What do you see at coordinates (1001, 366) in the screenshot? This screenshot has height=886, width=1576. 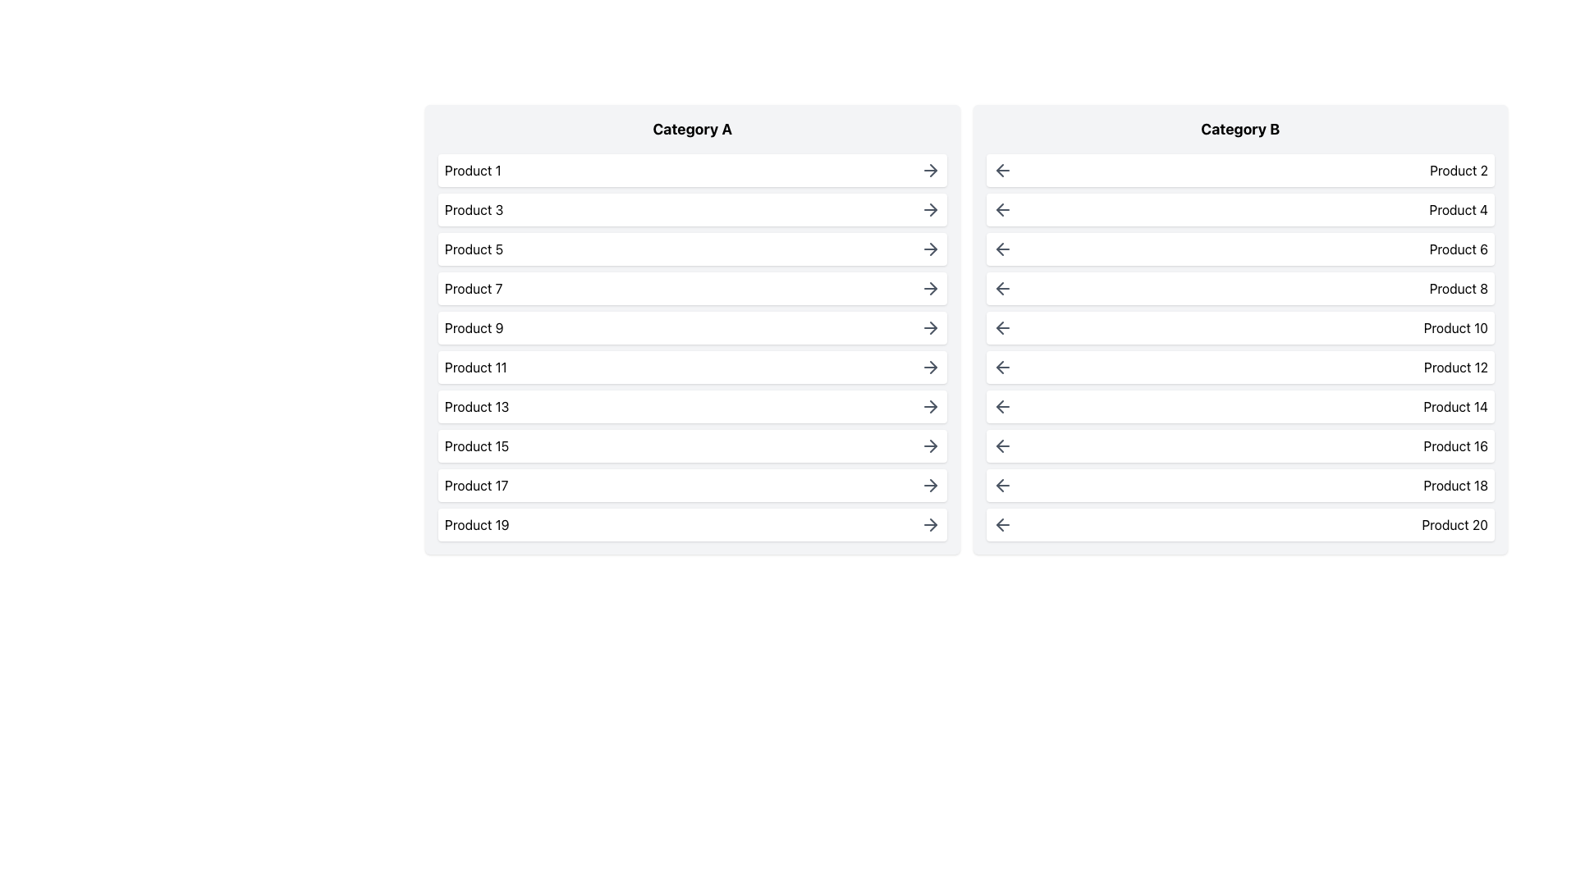 I see `the left-pointing arrow icon associated with 'Product 12' in the 'Category B' list, which is located on the left side of the text 'Product 12'` at bounding box center [1001, 366].